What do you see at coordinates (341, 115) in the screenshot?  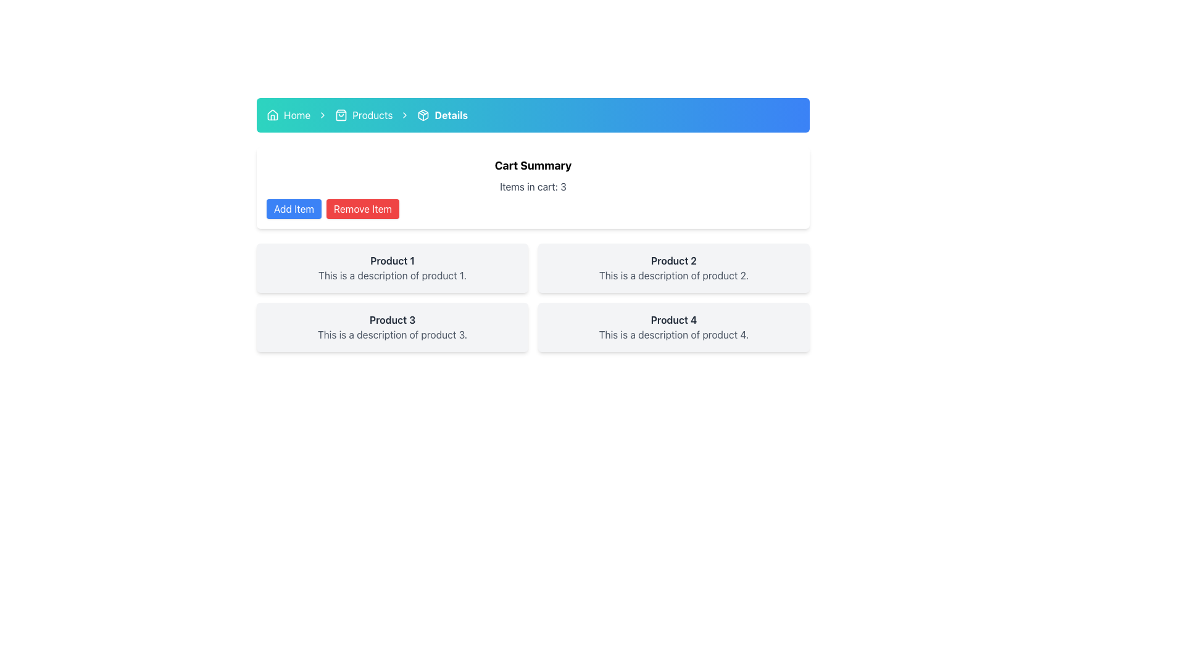 I see `the shopping bag icon in the breadcrumb navigation bar located at the top of the page, which is styled with a minimalistic design and positioned to the left of the 'Products' text` at bounding box center [341, 115].